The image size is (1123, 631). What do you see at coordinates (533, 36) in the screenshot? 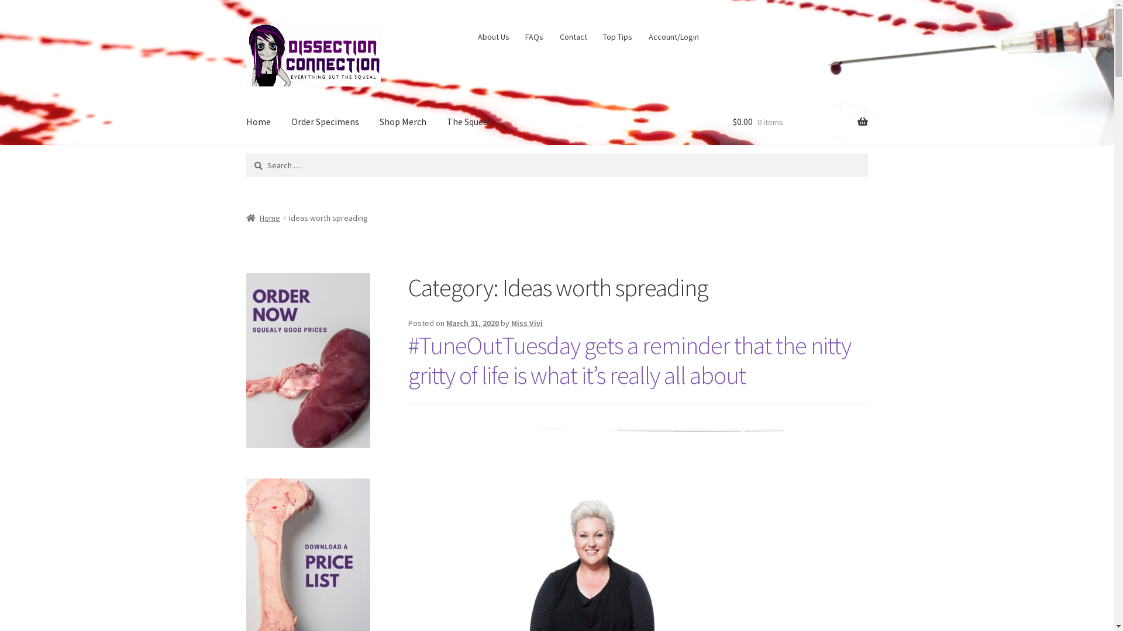
I see `'FAQs'` at bounding box center [533, 36].